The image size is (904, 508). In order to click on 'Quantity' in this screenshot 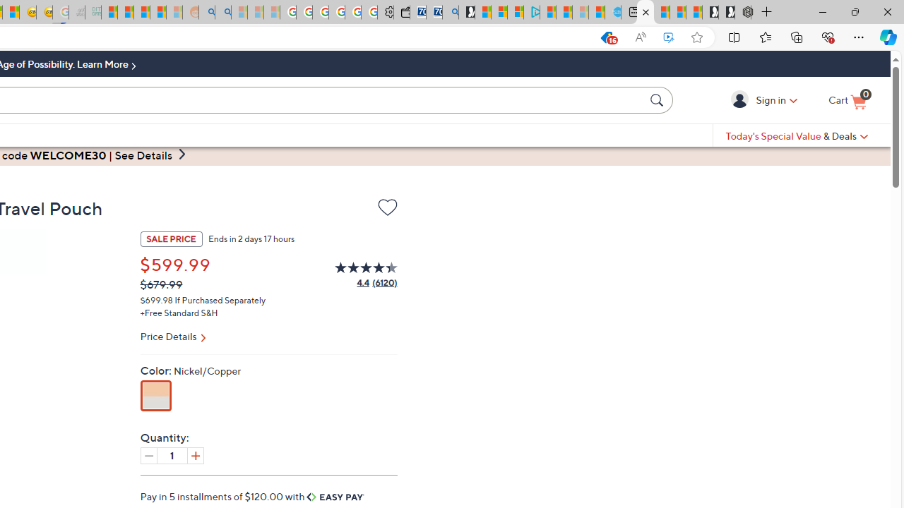, I will do `click(171, 455)`.